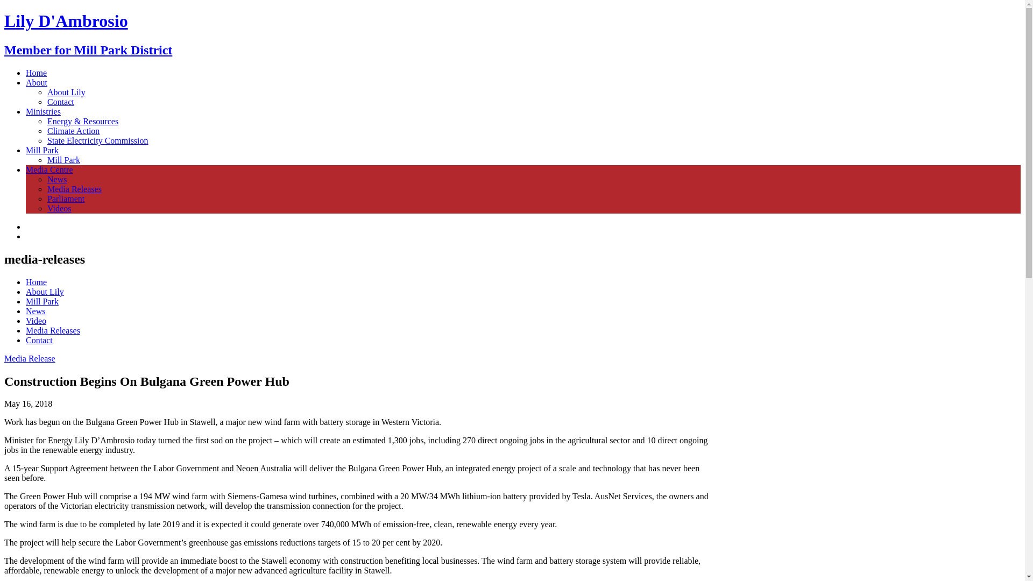 The width and height of the screenshot is (1033, 581). Describe the element at coordinates (26, 340) in the screenshot. I see `'Contact'` at that location.